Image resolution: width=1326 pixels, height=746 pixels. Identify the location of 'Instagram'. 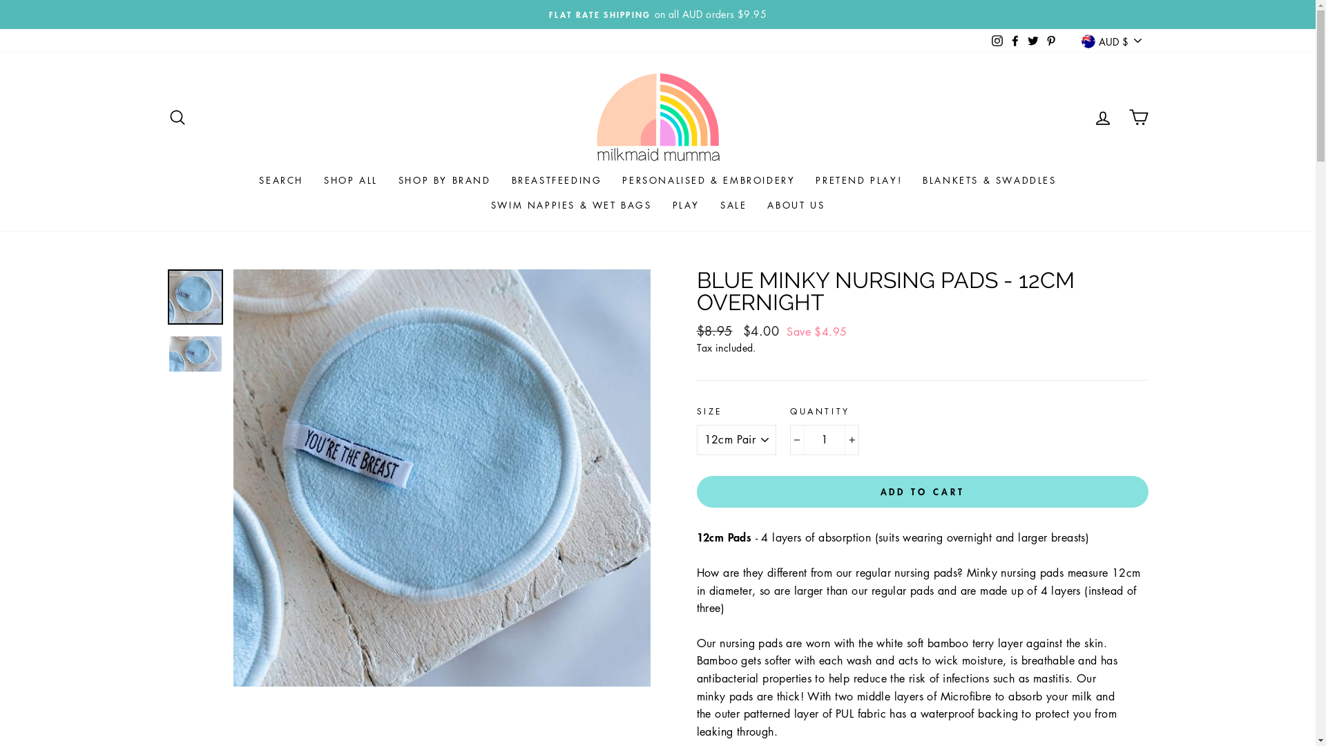
(987, 39).